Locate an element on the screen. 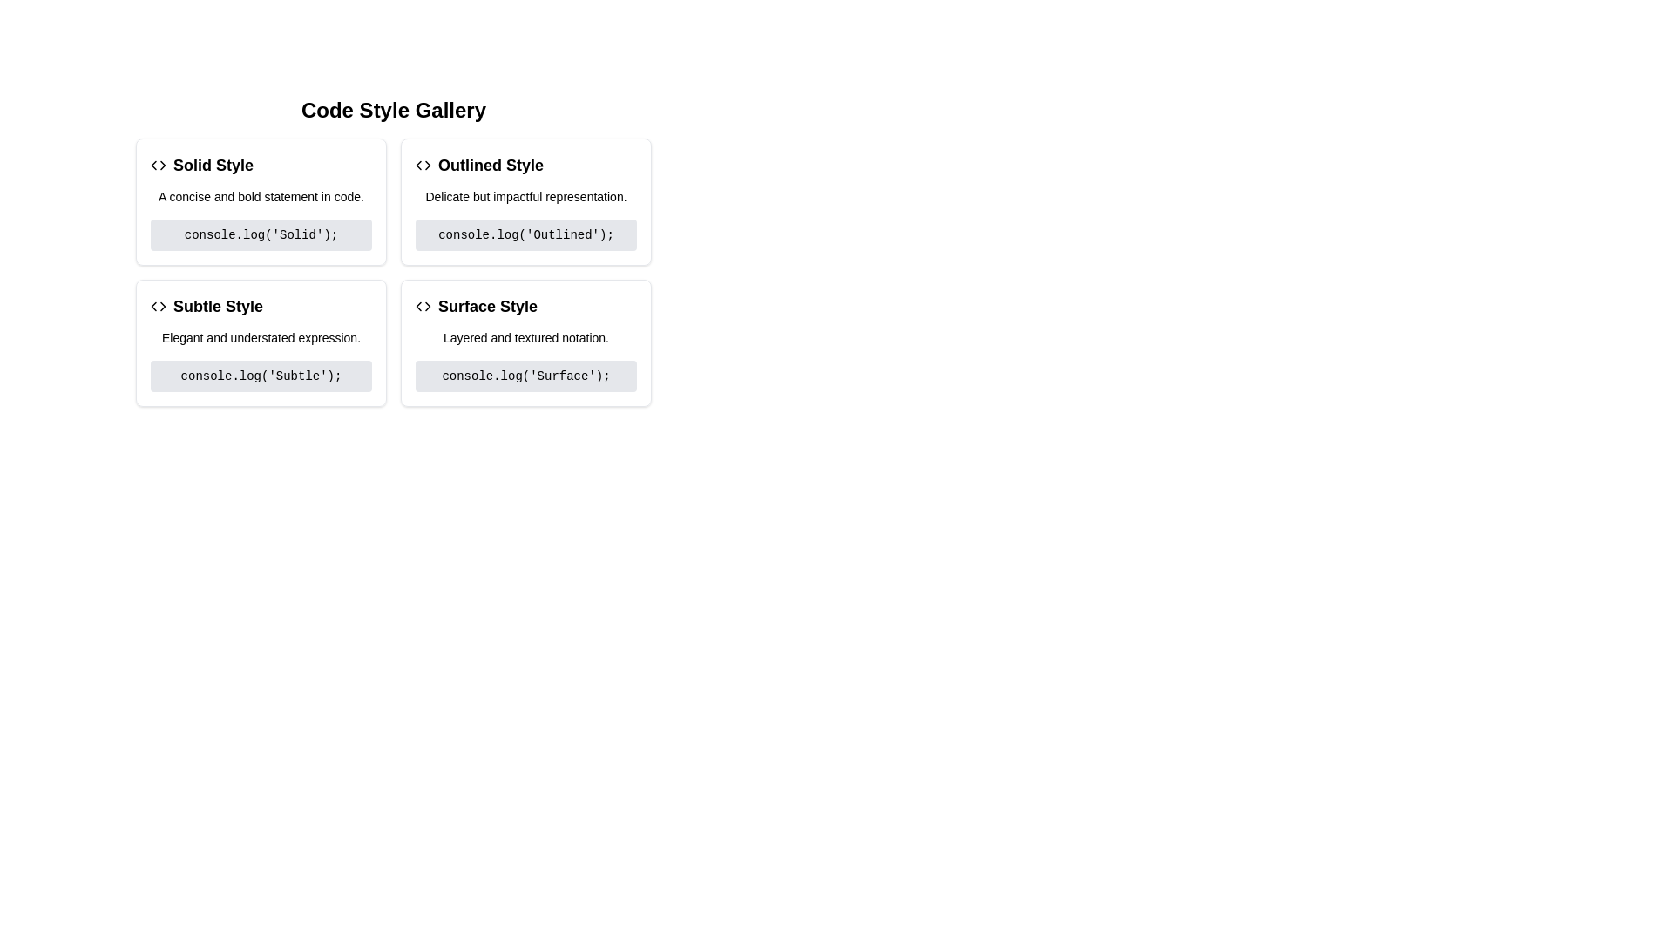 The width and height of the screenshot is (1673, 941). the 'Outlined Style' style option card's title and icon located in the top-right of the 'Code Style Gallery' section is located at coordinates (525, 165).